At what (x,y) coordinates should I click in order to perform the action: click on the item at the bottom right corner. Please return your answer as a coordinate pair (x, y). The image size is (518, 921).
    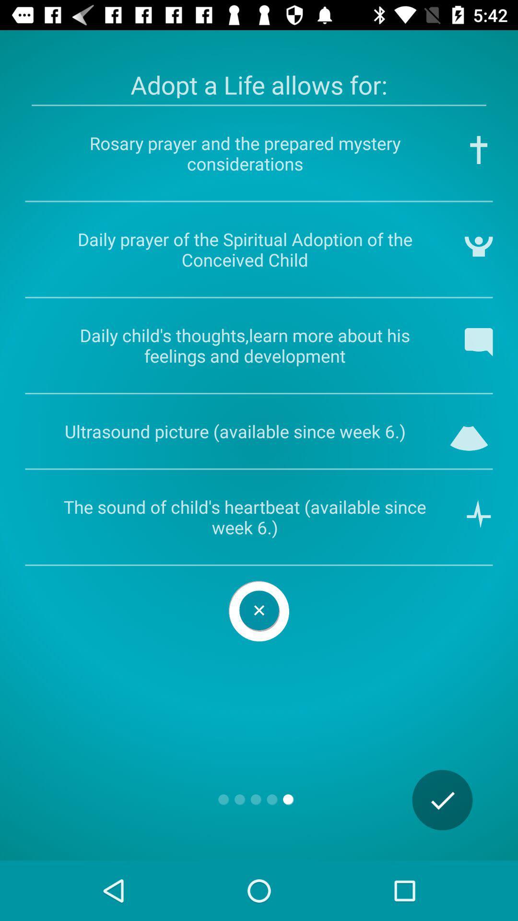
    Looking at the image, I should click on (442, 800).